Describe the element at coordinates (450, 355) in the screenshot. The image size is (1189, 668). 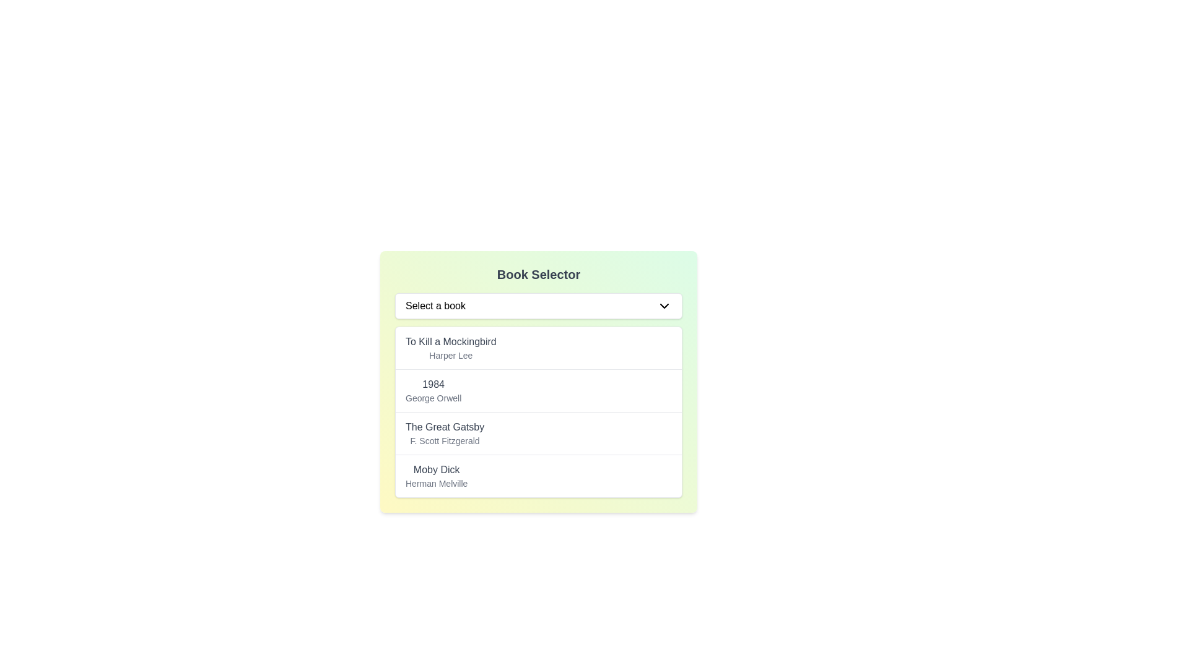
I see `the text label 'Harper Lee', which is displayed in a smaller font size and muted gray color, located under the title 'To Kill a Mockingbird' in the book list` at that location.